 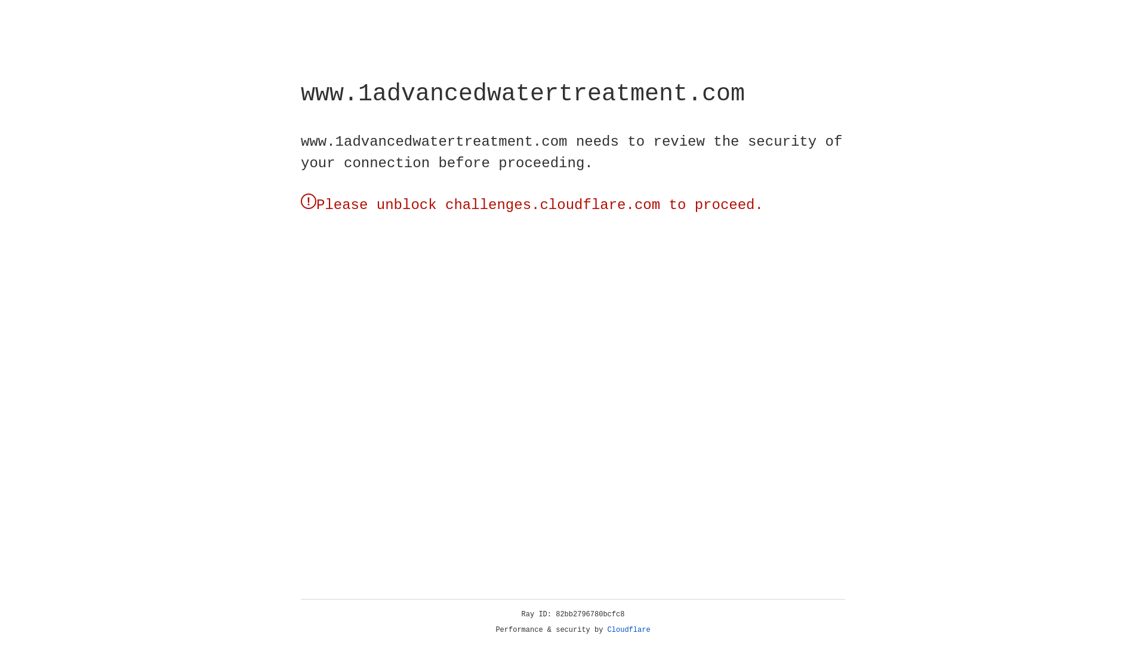 I want to click on 'Cloudflare', so click(x=629, y=629).